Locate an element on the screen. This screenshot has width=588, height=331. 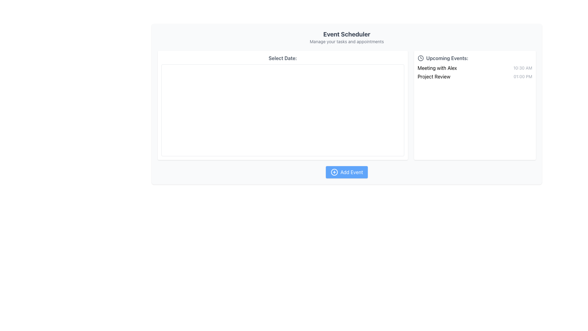
the Label providing a descriptive subtitle for the 'Event Scheduler' application, located below the main heading and centered horizontally is located at coordinates (347, 41).